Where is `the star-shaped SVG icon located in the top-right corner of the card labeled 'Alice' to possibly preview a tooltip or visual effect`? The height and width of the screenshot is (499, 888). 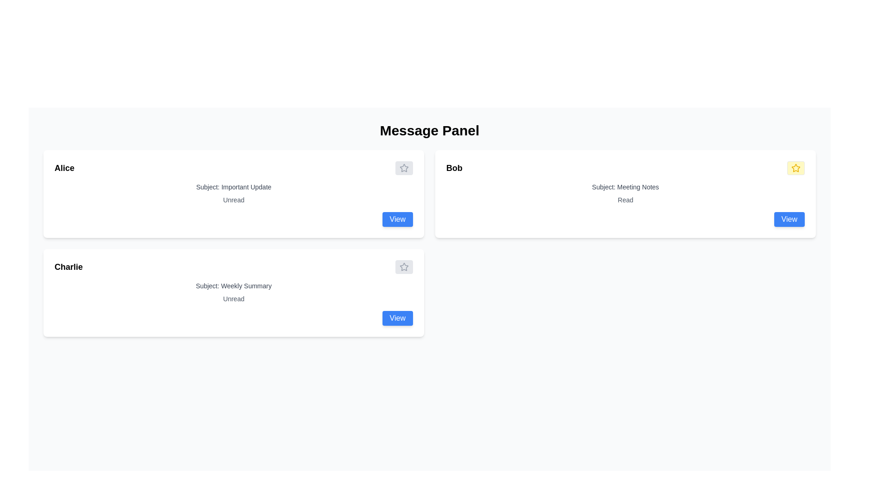
the star-shaped SVG icon located in the top-right corner of the card labeled 'Alice' to possibly preview a tooltip or visual effect is located at coordinates (404, 168).